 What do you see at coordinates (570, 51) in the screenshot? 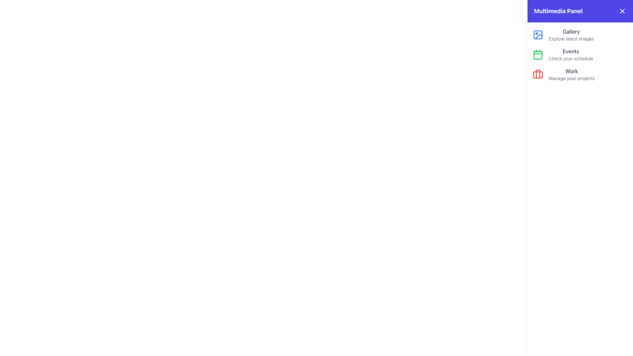
I see `the 'Events' text label located in the sidebar, which is styled as a section heading and is positioned between the 'Gallery' section and the 'Check your schedule' description` at bounding box center [570, 51].